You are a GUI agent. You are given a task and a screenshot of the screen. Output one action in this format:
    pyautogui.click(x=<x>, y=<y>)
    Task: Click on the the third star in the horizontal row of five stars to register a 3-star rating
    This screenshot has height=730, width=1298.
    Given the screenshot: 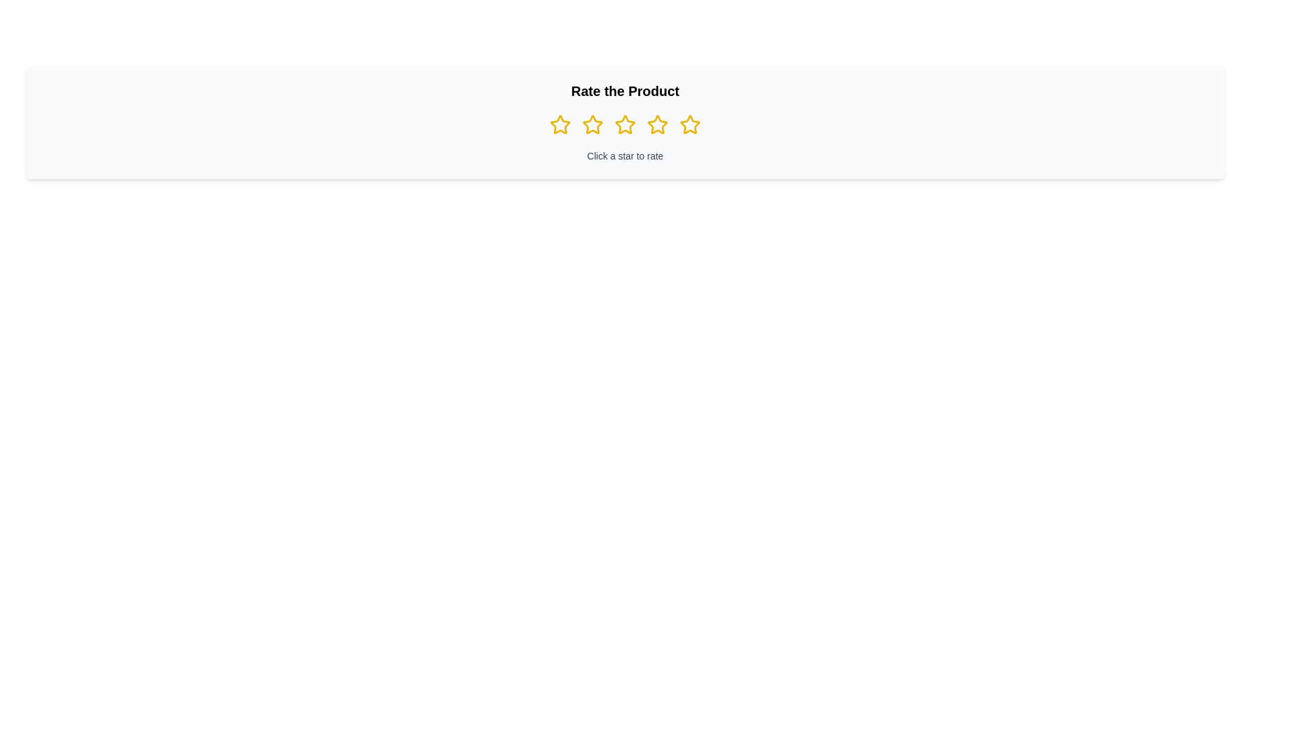 What is the action you would take?
    pyautogui.click(x=625, y=125)
    